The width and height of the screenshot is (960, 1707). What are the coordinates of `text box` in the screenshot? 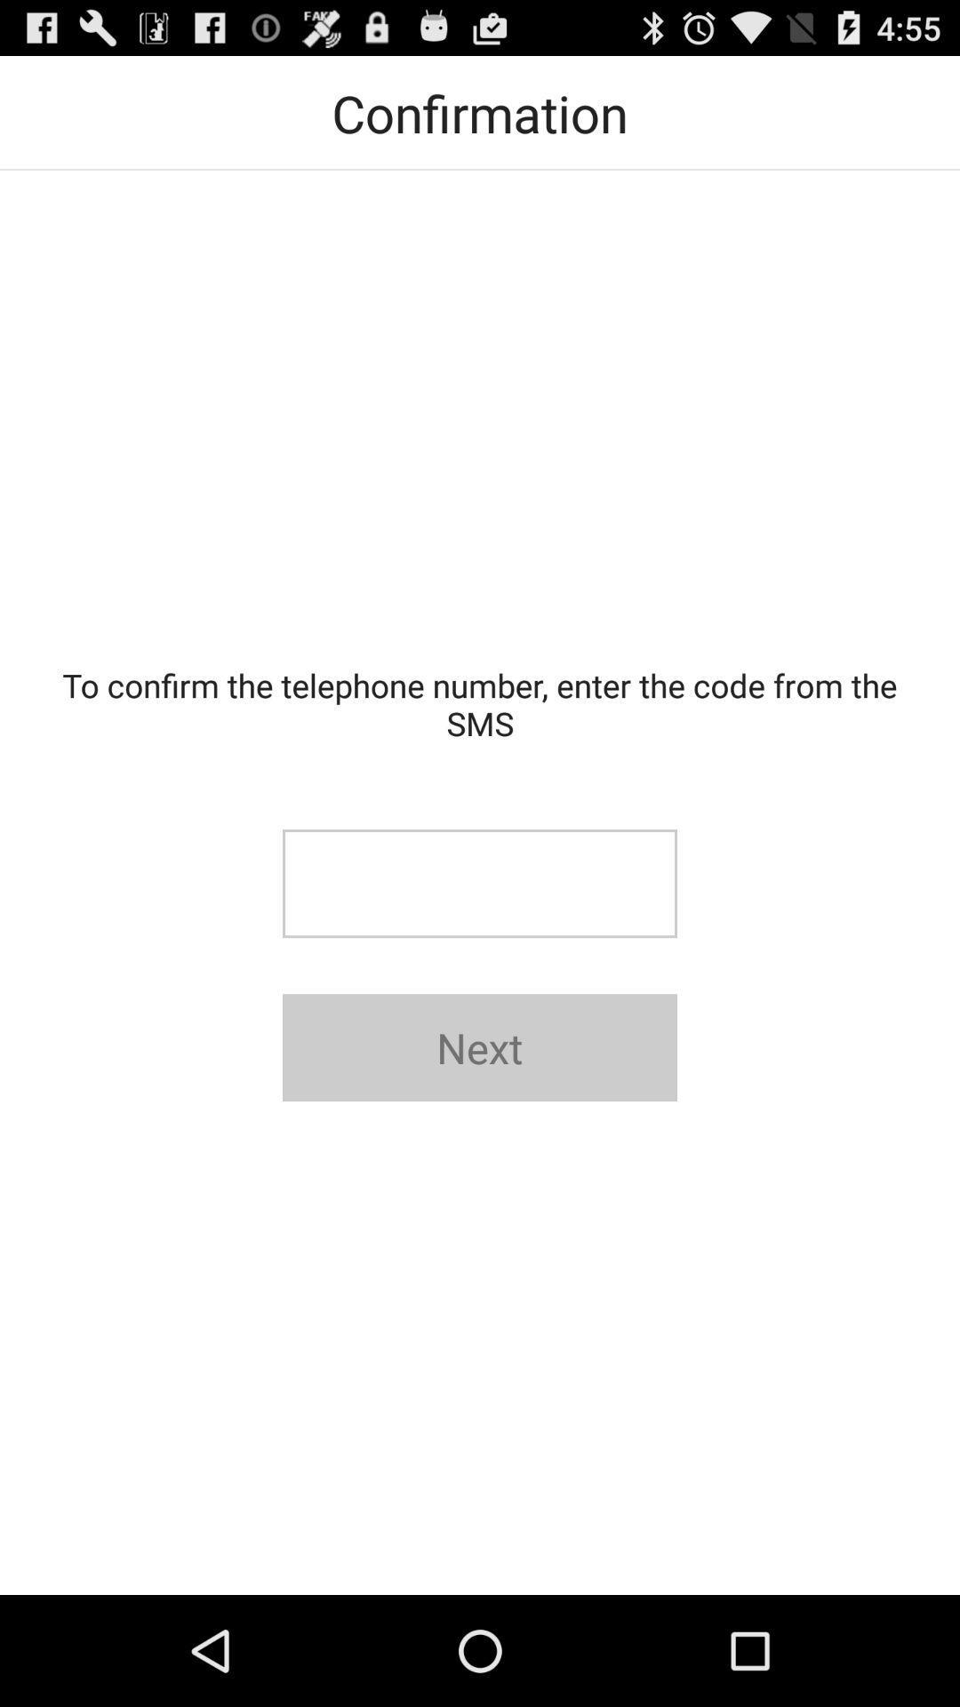 It's located at (480, 884).